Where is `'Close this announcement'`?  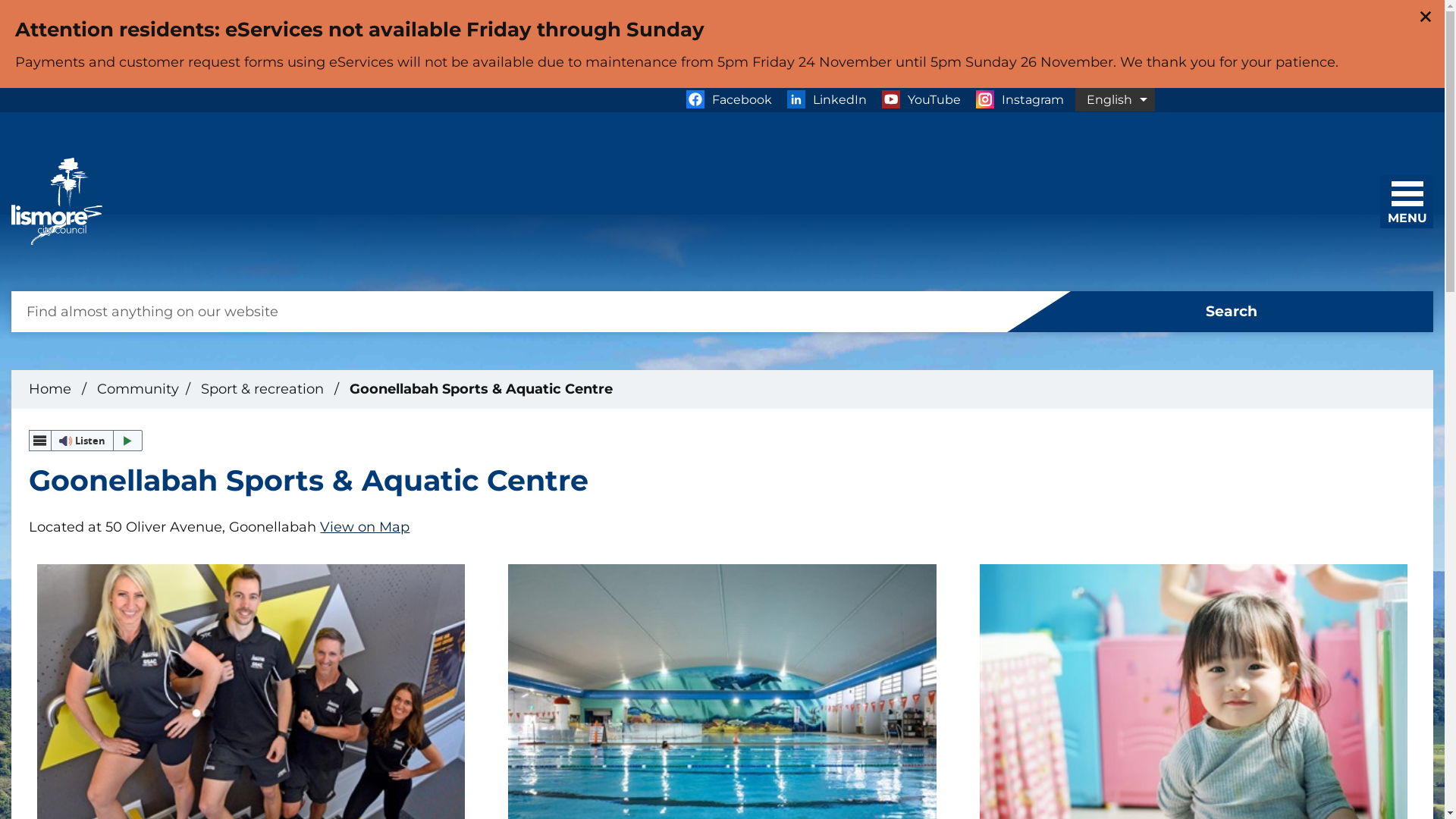
'Close this announcement' is located at coordinates (1425, 17).